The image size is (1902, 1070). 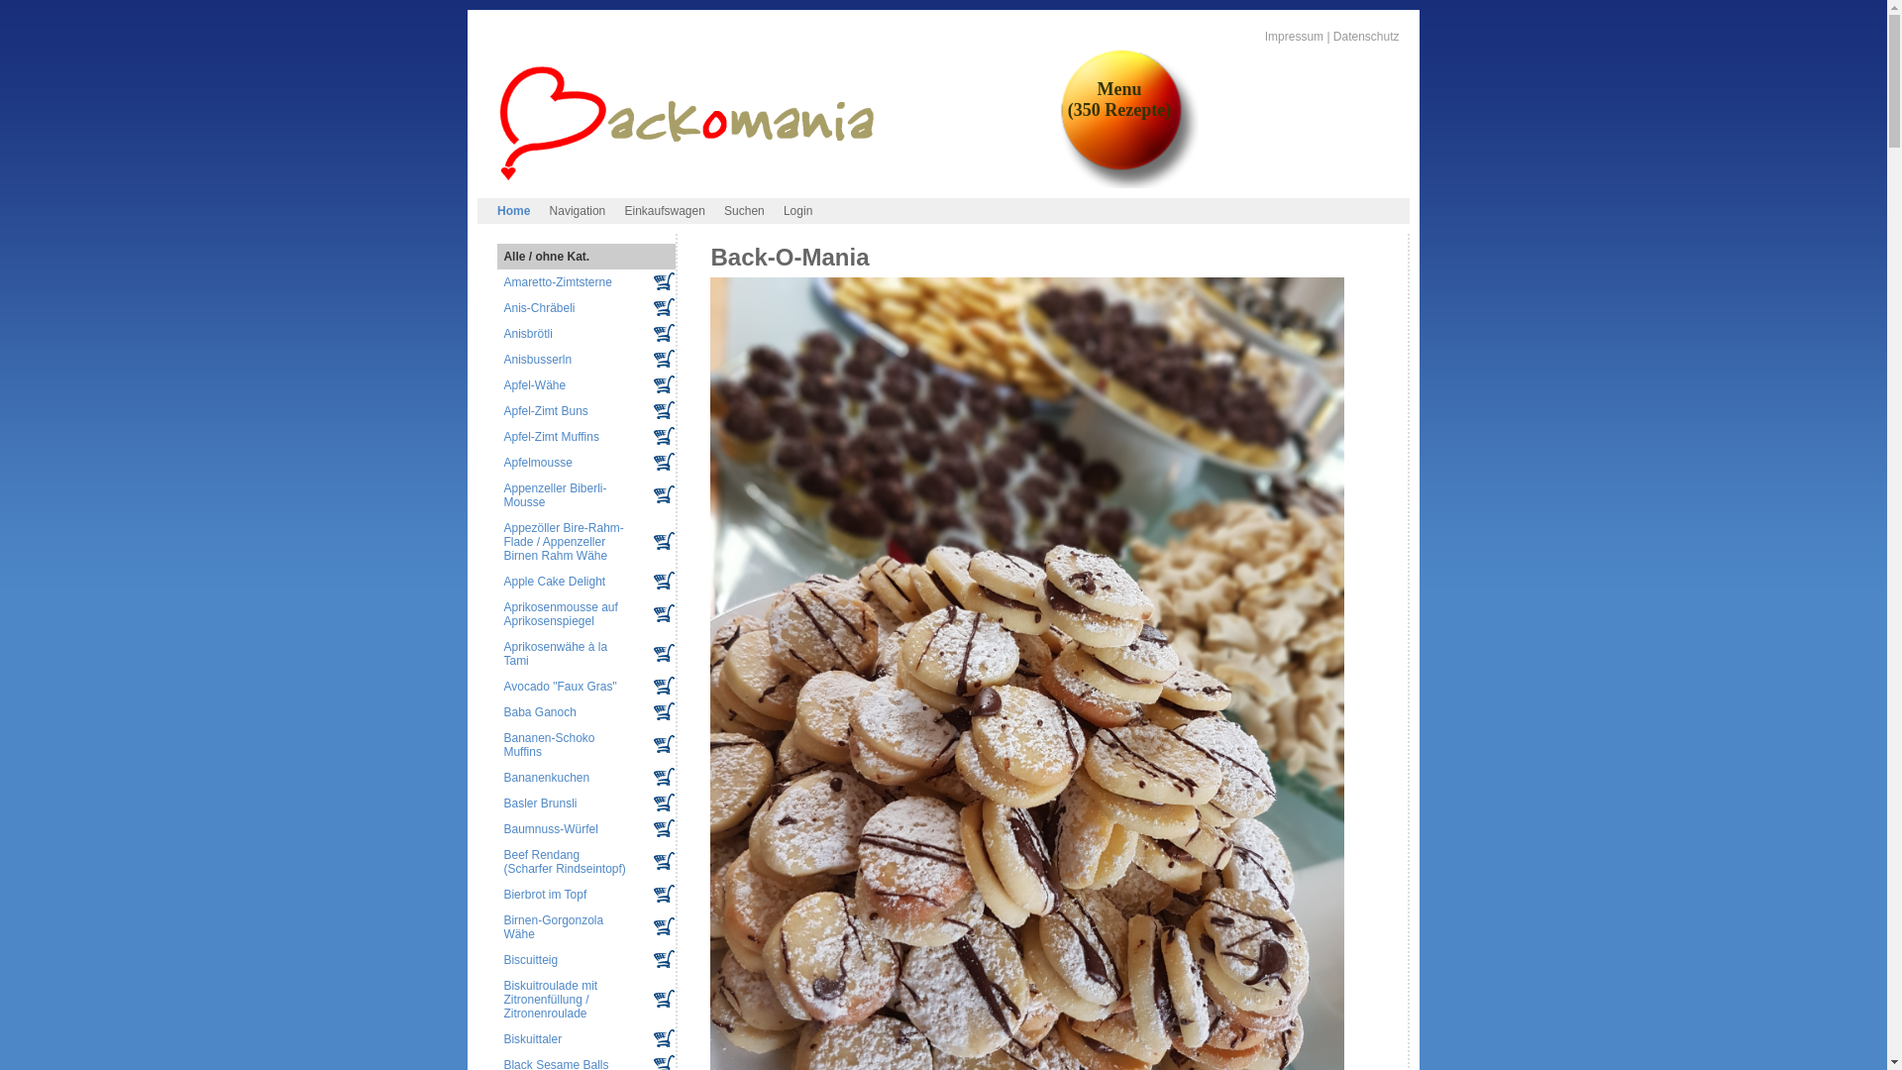 I want to click on 'Bierbrot im Topf', so click(x=545, y=894).